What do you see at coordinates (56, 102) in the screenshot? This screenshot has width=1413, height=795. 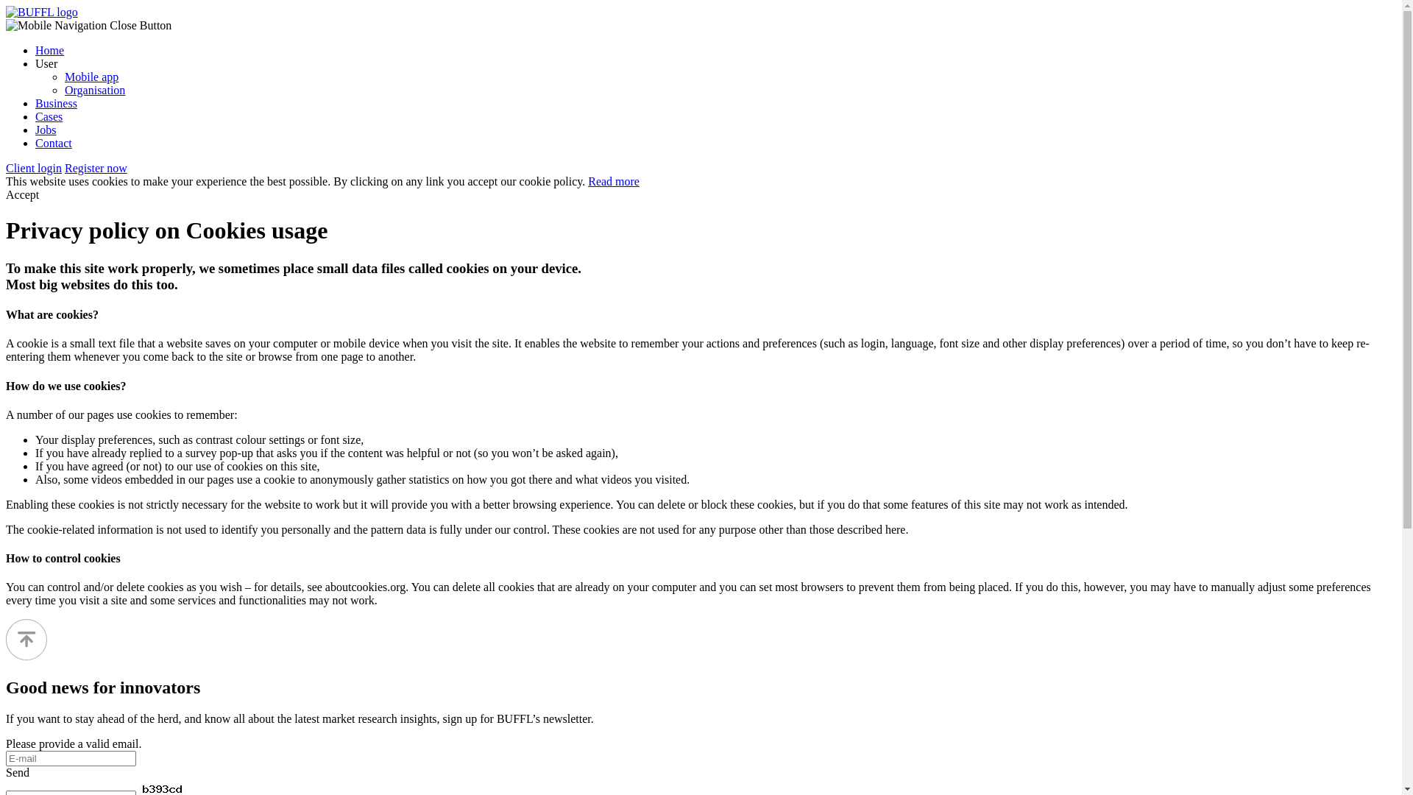 I see `'Business'` at bounding box center [56, 102].